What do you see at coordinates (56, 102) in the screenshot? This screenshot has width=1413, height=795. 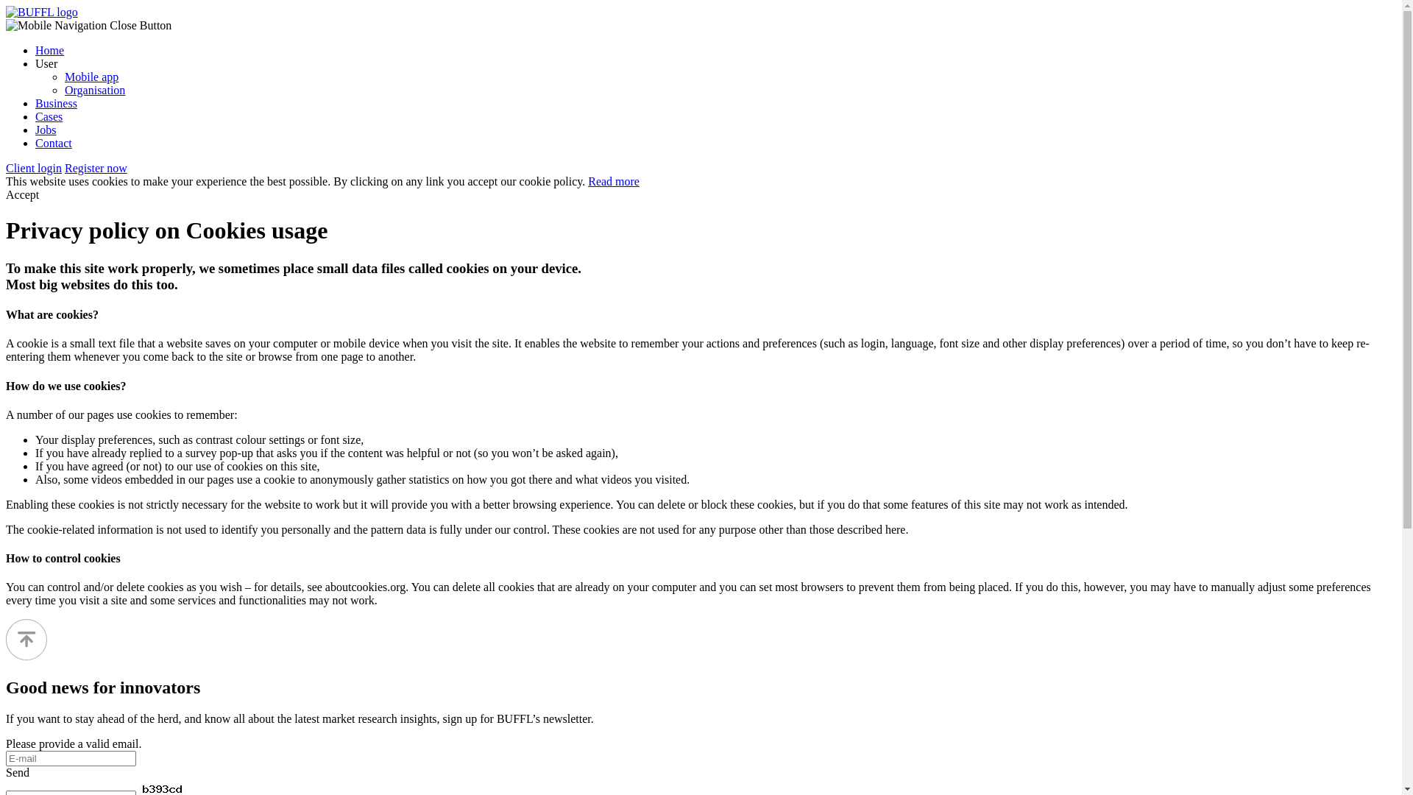 I see `'Business'` at bounding box center [56, 102].